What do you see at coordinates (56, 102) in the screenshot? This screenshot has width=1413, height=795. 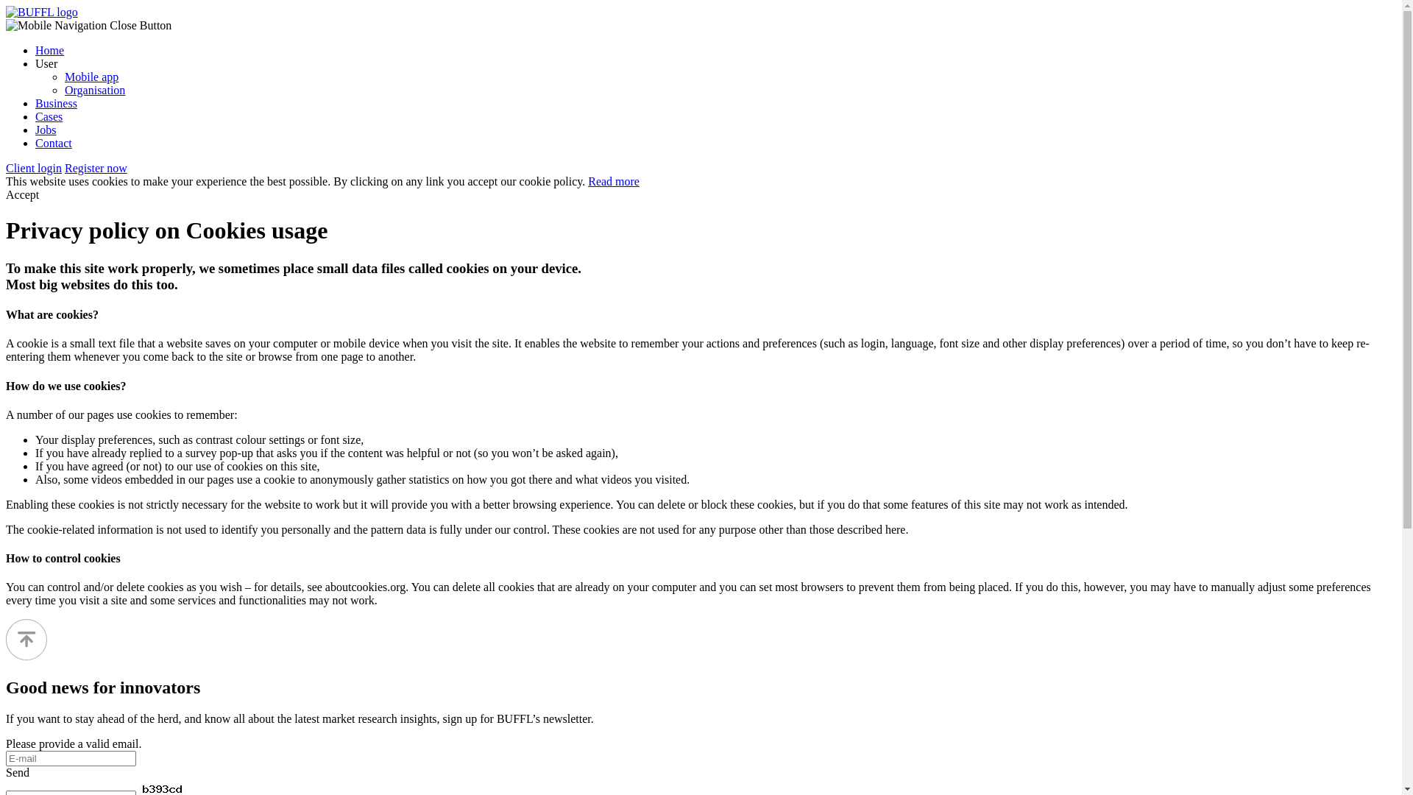 I see `'Business'` at bounding box center [56, 102].